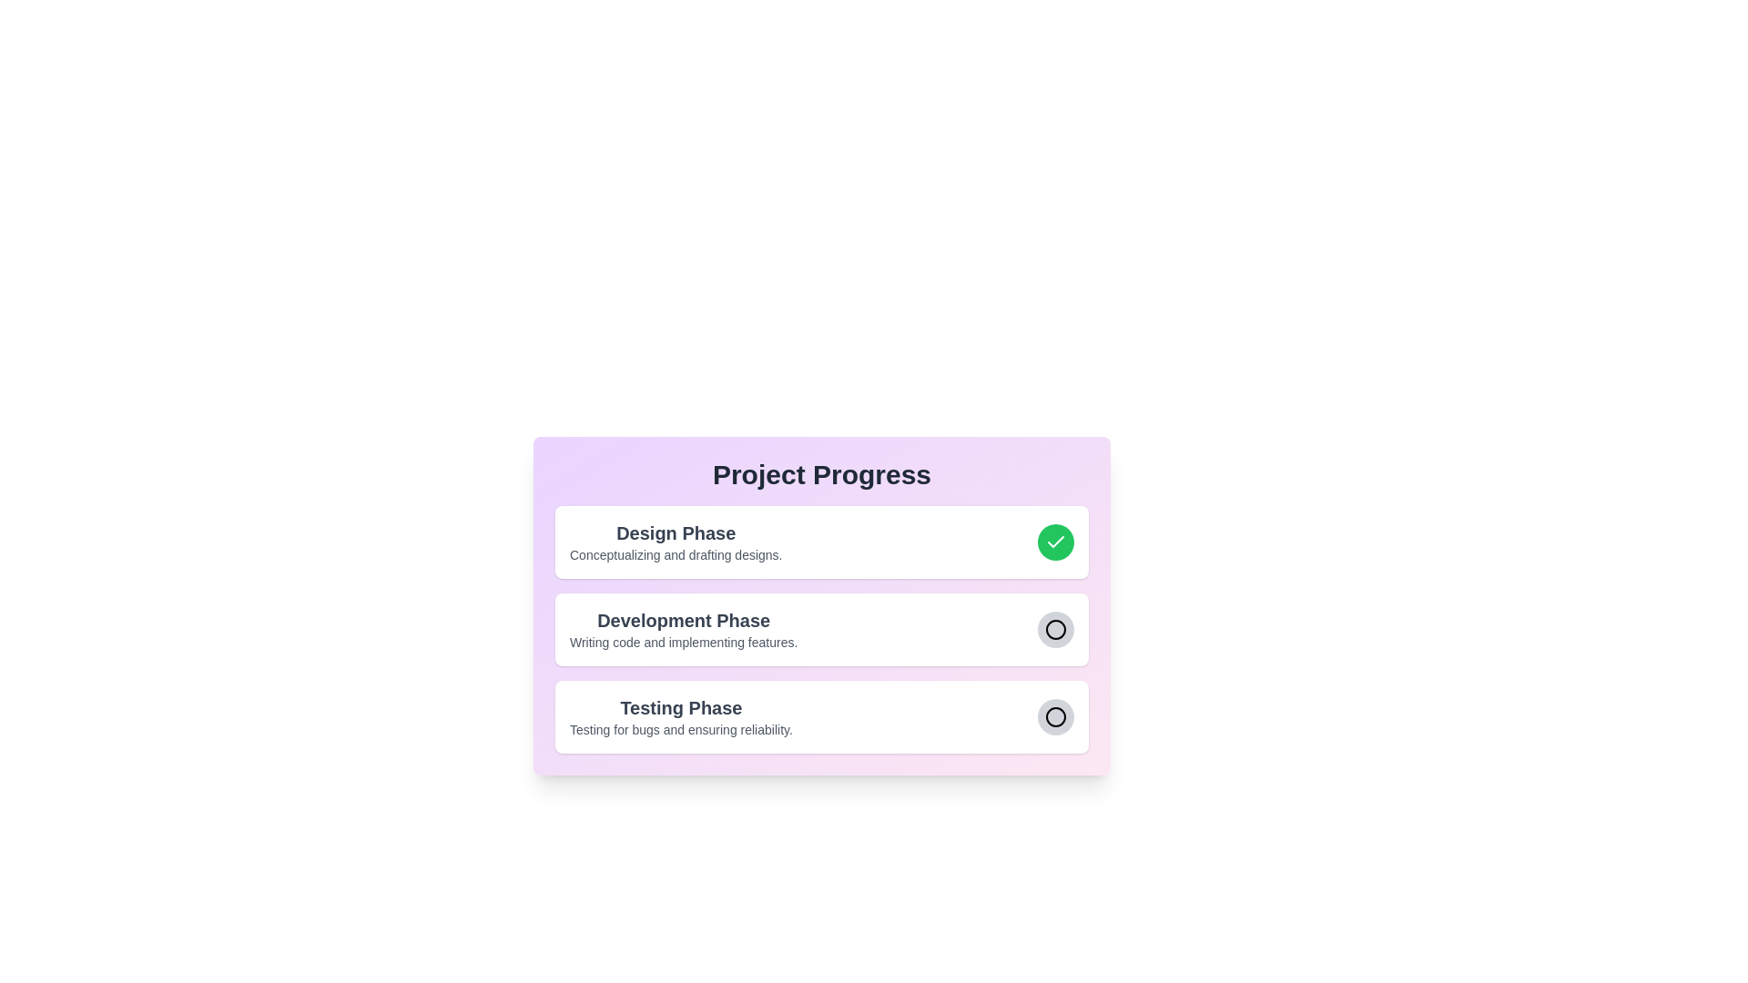 The height and width of the screenshot is (983, 1748). I want to click on the circular button with a gray background and a black border located next to the progress phase text in the 'Project Progress' section, so click(1056, 715).